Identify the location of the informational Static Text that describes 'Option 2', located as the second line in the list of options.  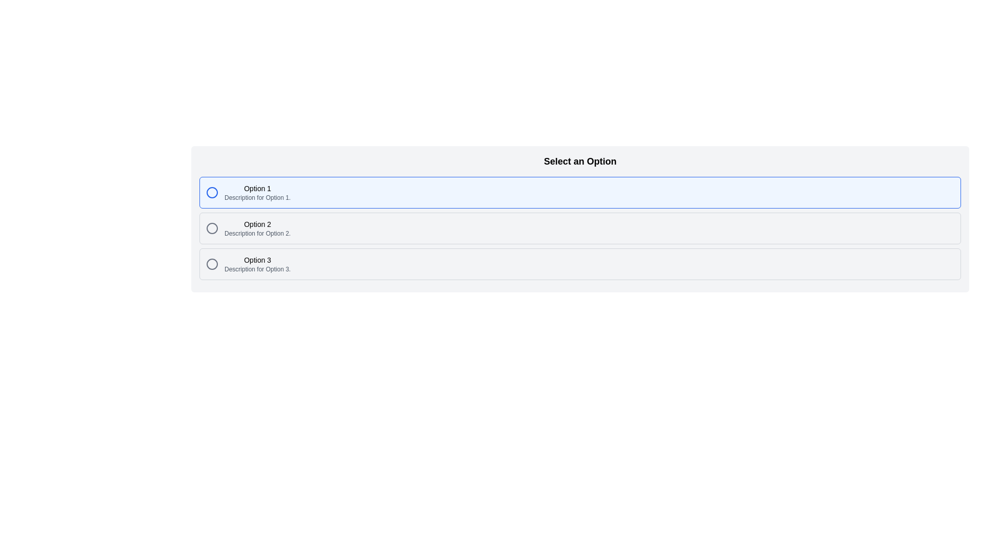
(257, 233).